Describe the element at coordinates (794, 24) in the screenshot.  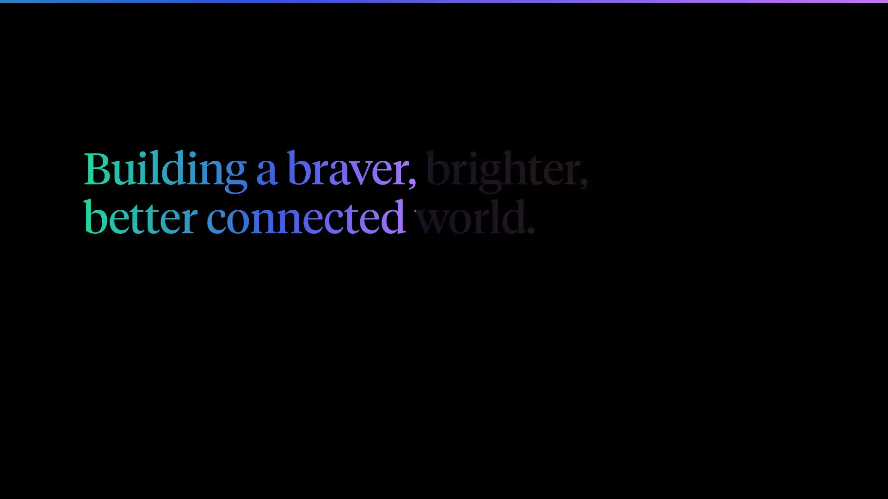
I see `Menu Button` at that location.